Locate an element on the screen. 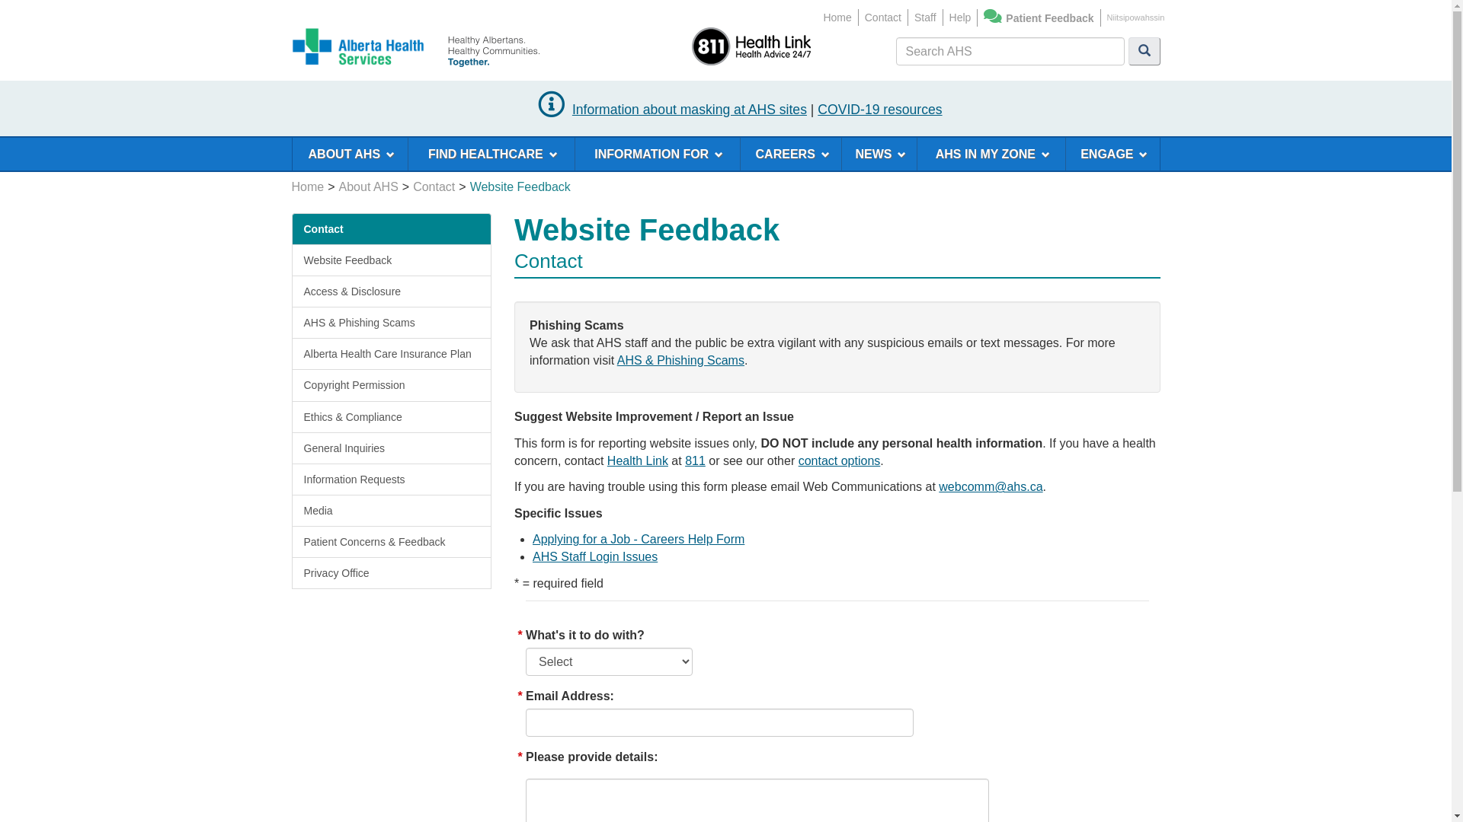  'FIND HEALTHCARE' is located at coordinates (490, 154).